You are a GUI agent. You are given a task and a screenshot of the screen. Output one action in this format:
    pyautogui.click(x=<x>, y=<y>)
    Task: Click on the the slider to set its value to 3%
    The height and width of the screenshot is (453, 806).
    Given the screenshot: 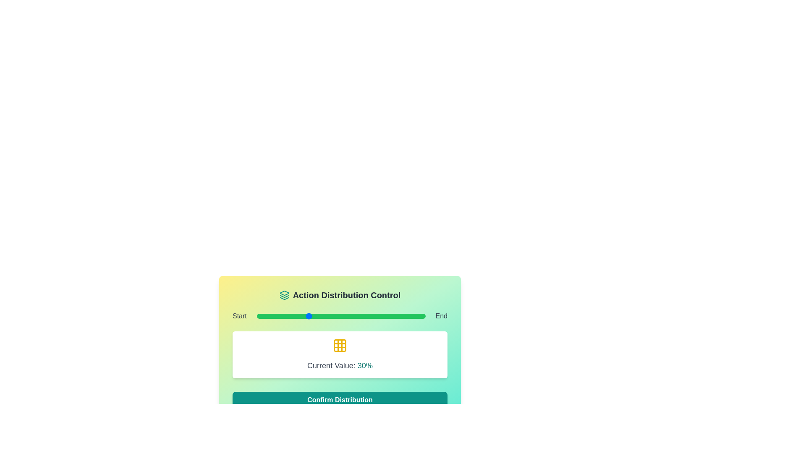 What is the action you would take?
    pyautogui.click(x=261, y=316)
    